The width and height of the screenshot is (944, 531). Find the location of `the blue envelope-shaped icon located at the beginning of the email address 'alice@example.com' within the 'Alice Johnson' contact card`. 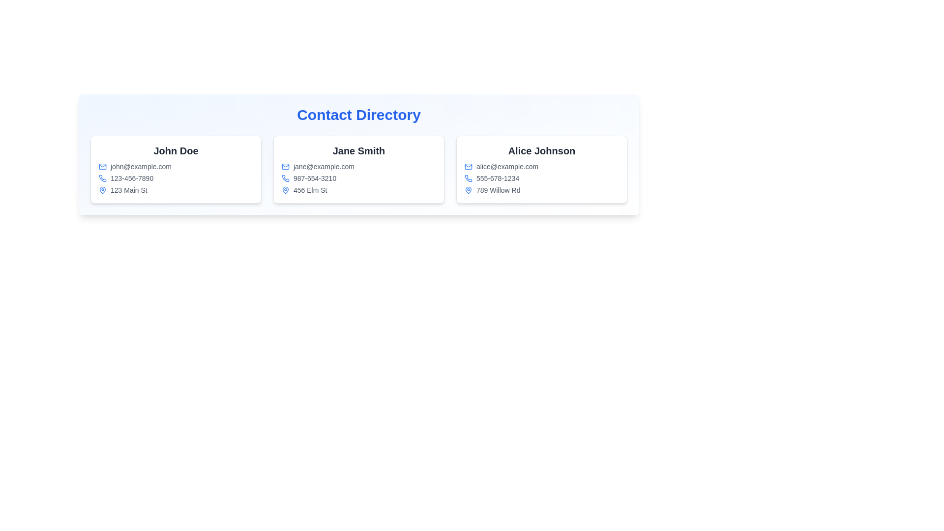

the blue envelope-shaped icon located at the beginning of the email address 'alice@example.com' within the 'Alice Johnson' contact card is located at coordinates (468, 166).